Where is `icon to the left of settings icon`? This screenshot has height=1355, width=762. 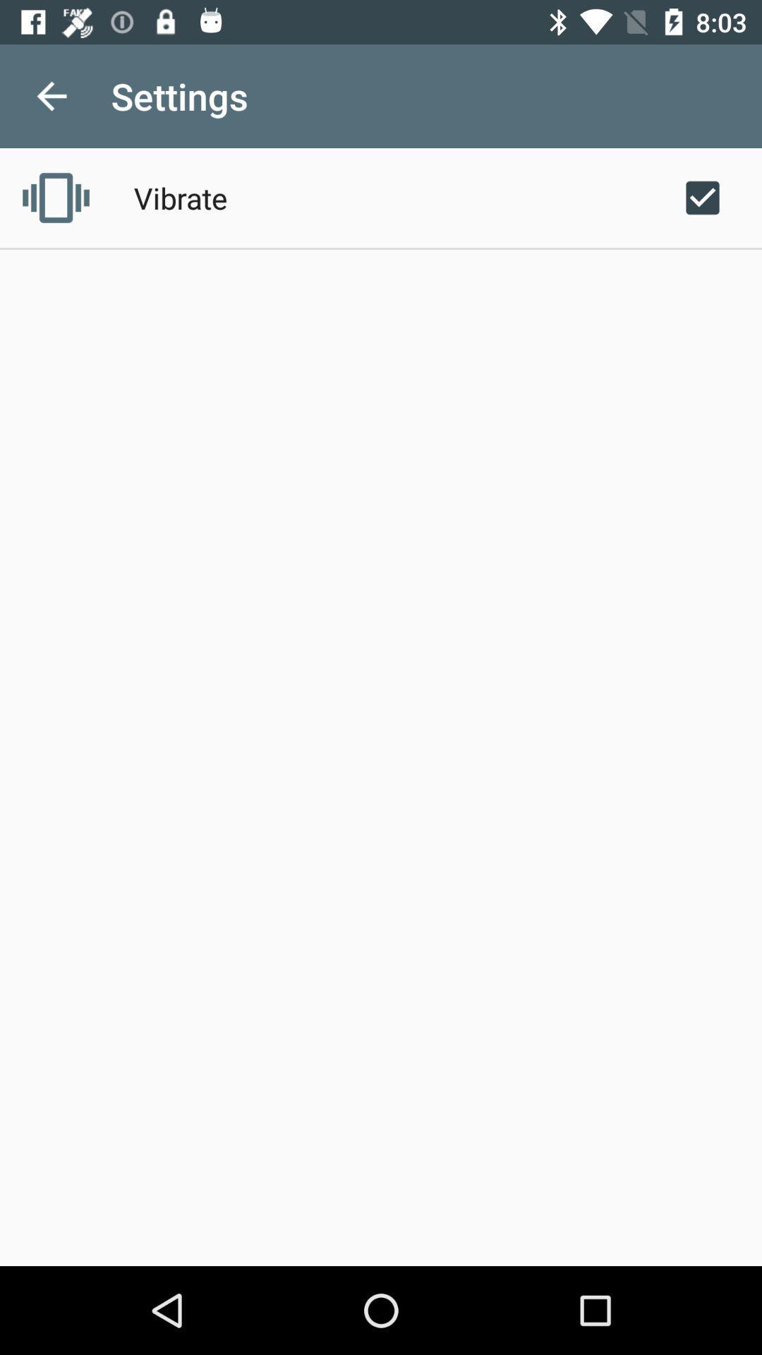
icon to the left of settings icon is located at coordinates (51, 95).